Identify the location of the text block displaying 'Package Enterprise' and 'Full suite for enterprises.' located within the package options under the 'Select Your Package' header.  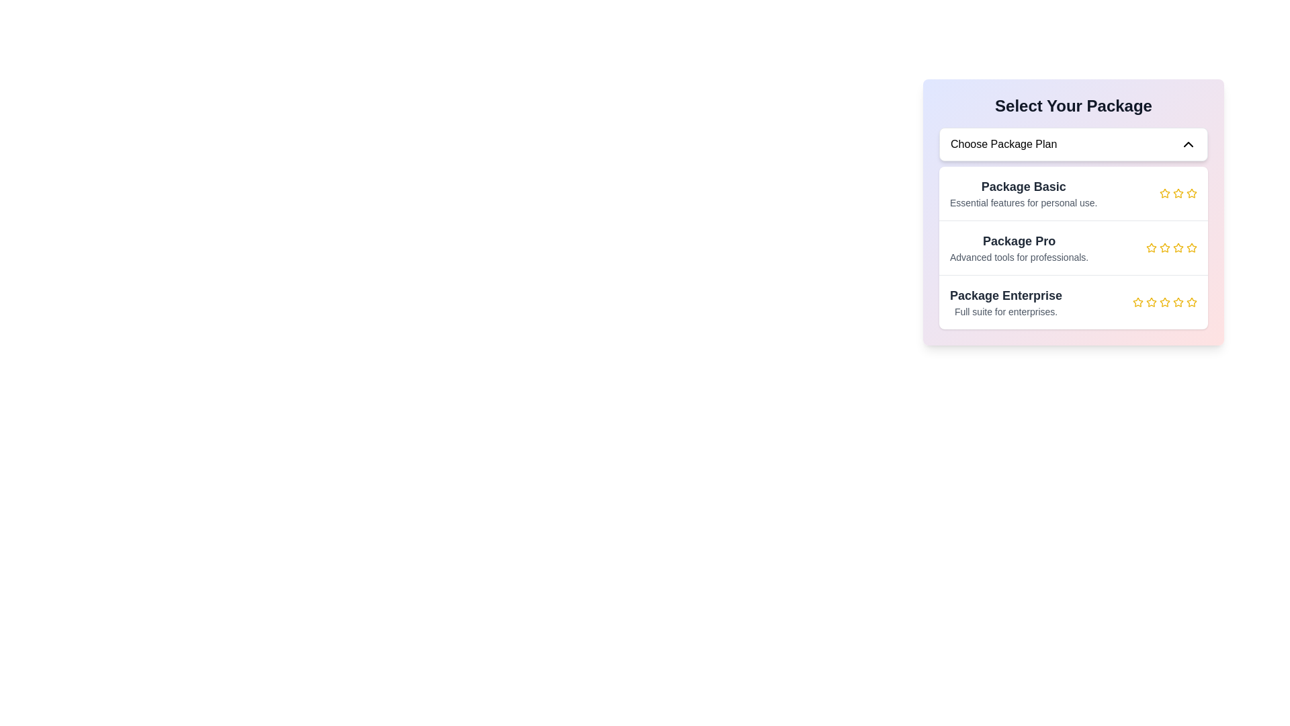
(1006, 302).